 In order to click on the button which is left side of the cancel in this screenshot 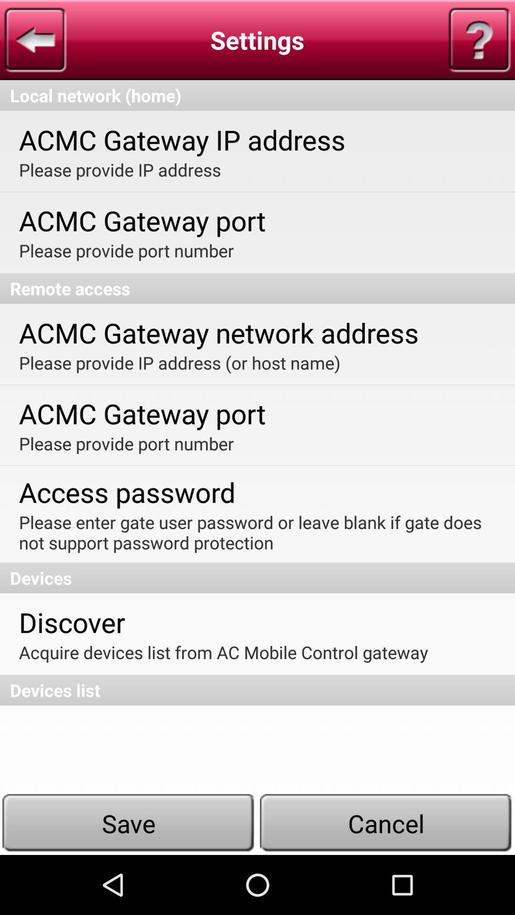, I will do `click(129, 823)`.